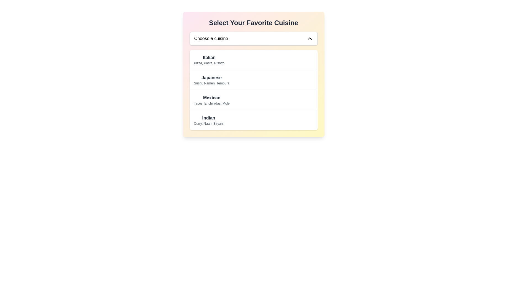  I want to click on the label providing additional details related to 'Mexican' cuisine, which is positioned directly beneath the 'Mexican' heading, so click(211, 103).